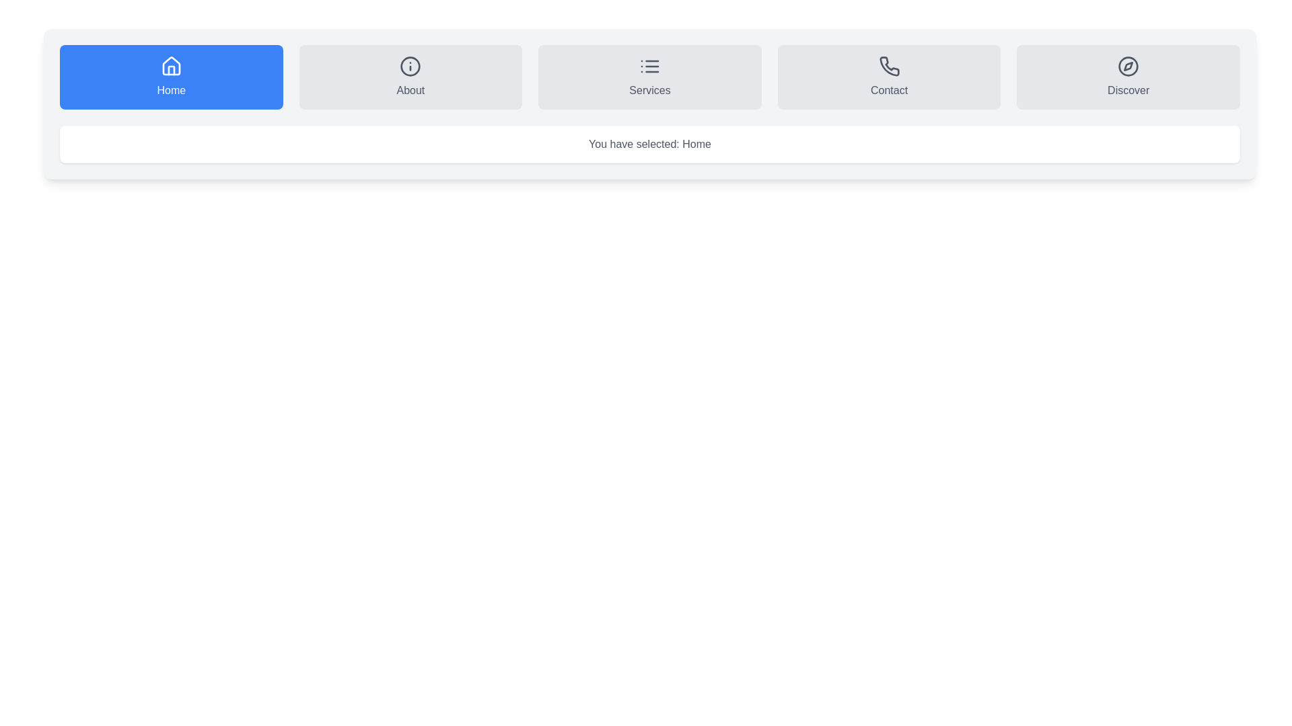 The height and width of the screenshot is (726, 1292). Describe the element at coordinates (410, 67) in the screenshot. I see `the circular graphical shape that represents the background for the 'About' button located in the top navigation bar` at that location.